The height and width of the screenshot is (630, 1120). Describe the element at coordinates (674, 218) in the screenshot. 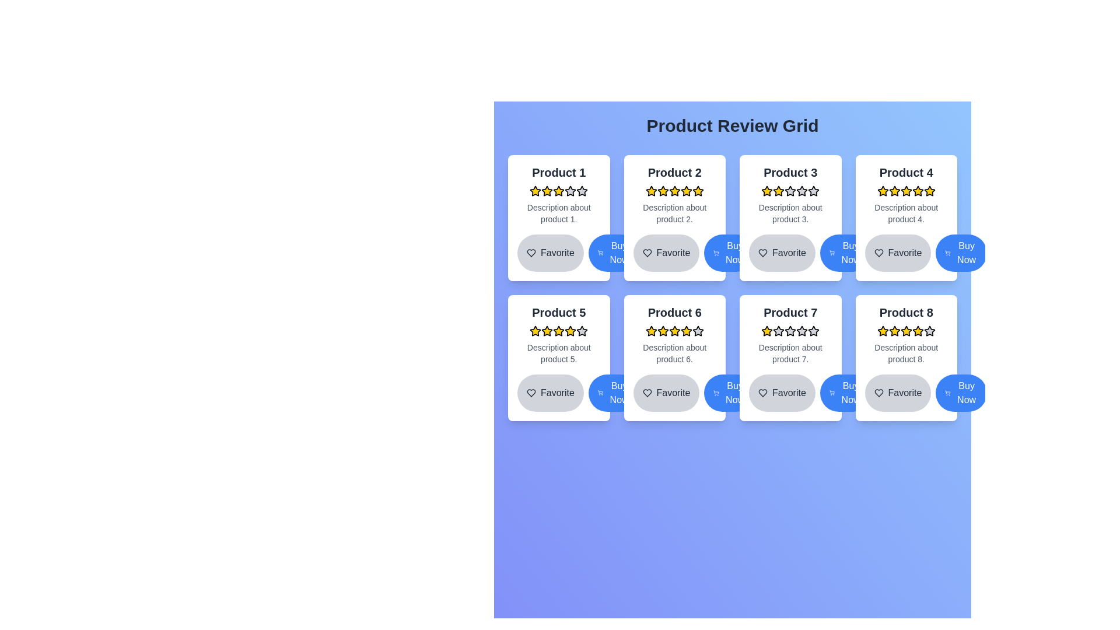

I see `the title of the product card located in the second position of the first row` at that location.